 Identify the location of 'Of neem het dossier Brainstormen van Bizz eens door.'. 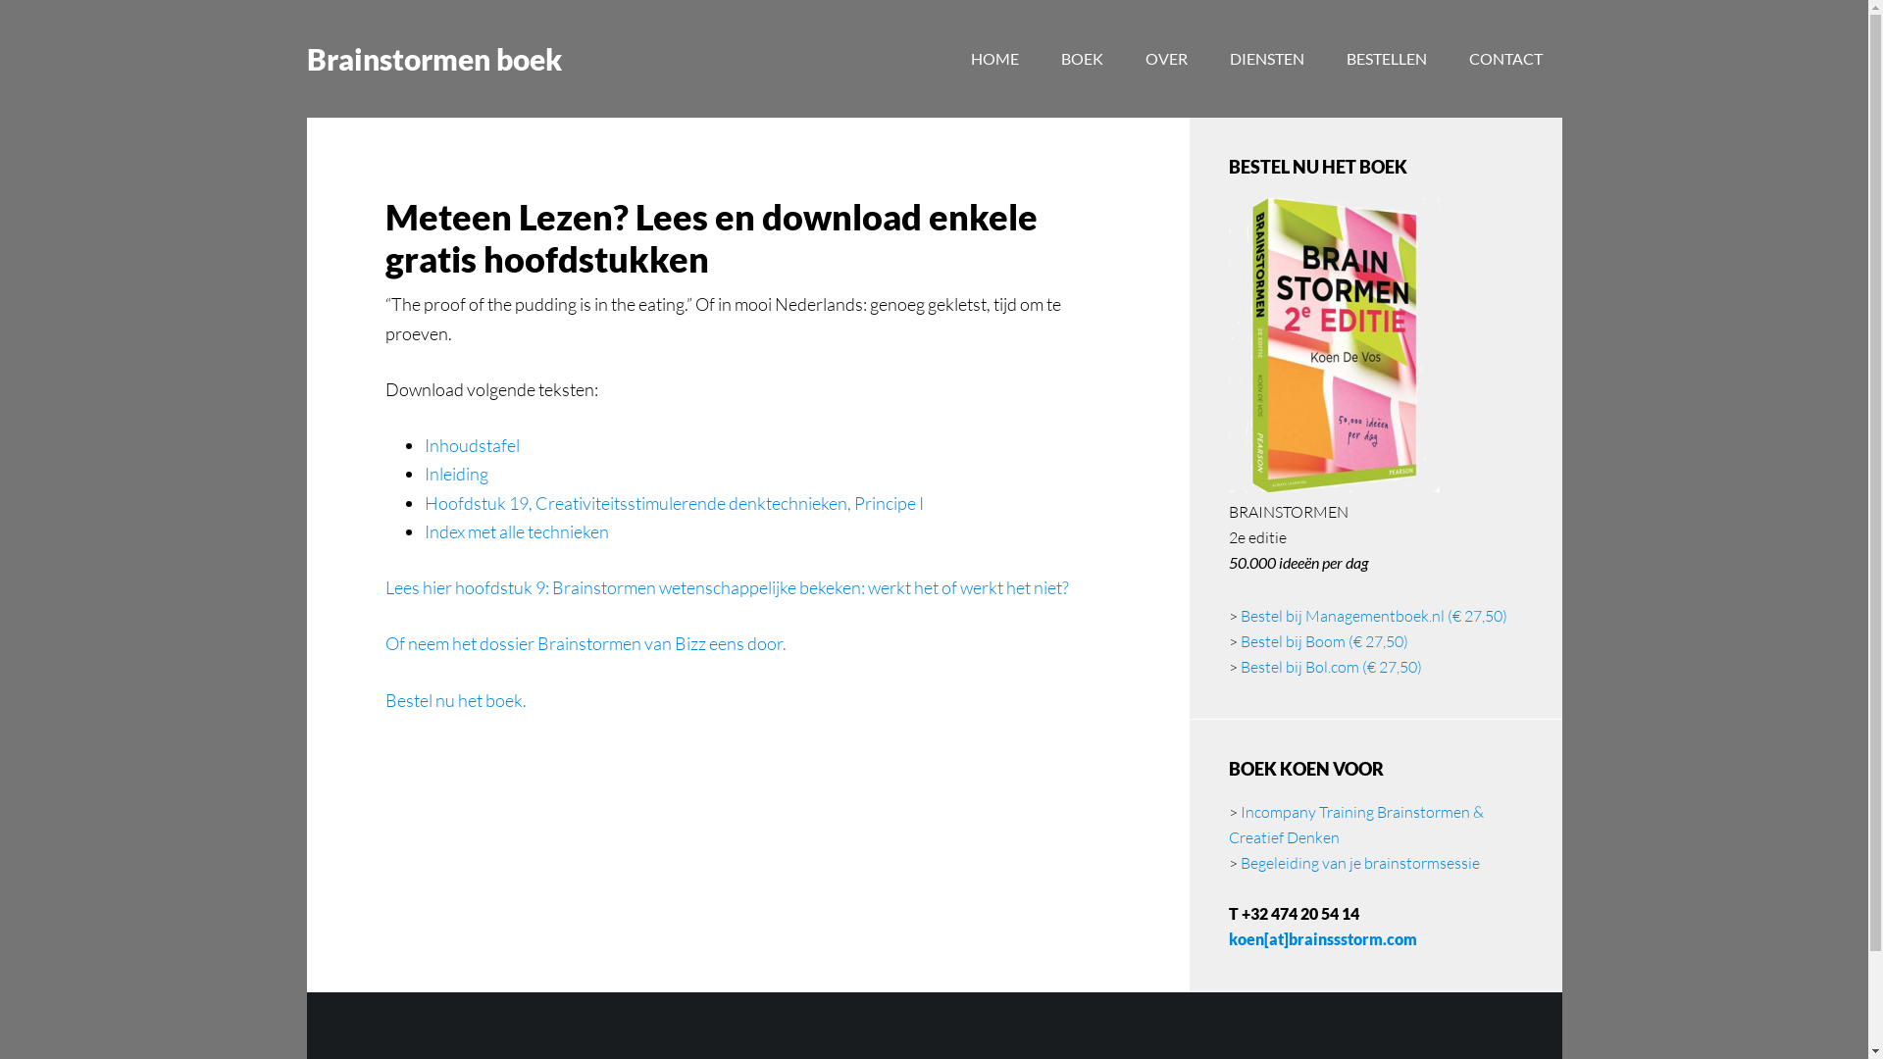
(584, 642).